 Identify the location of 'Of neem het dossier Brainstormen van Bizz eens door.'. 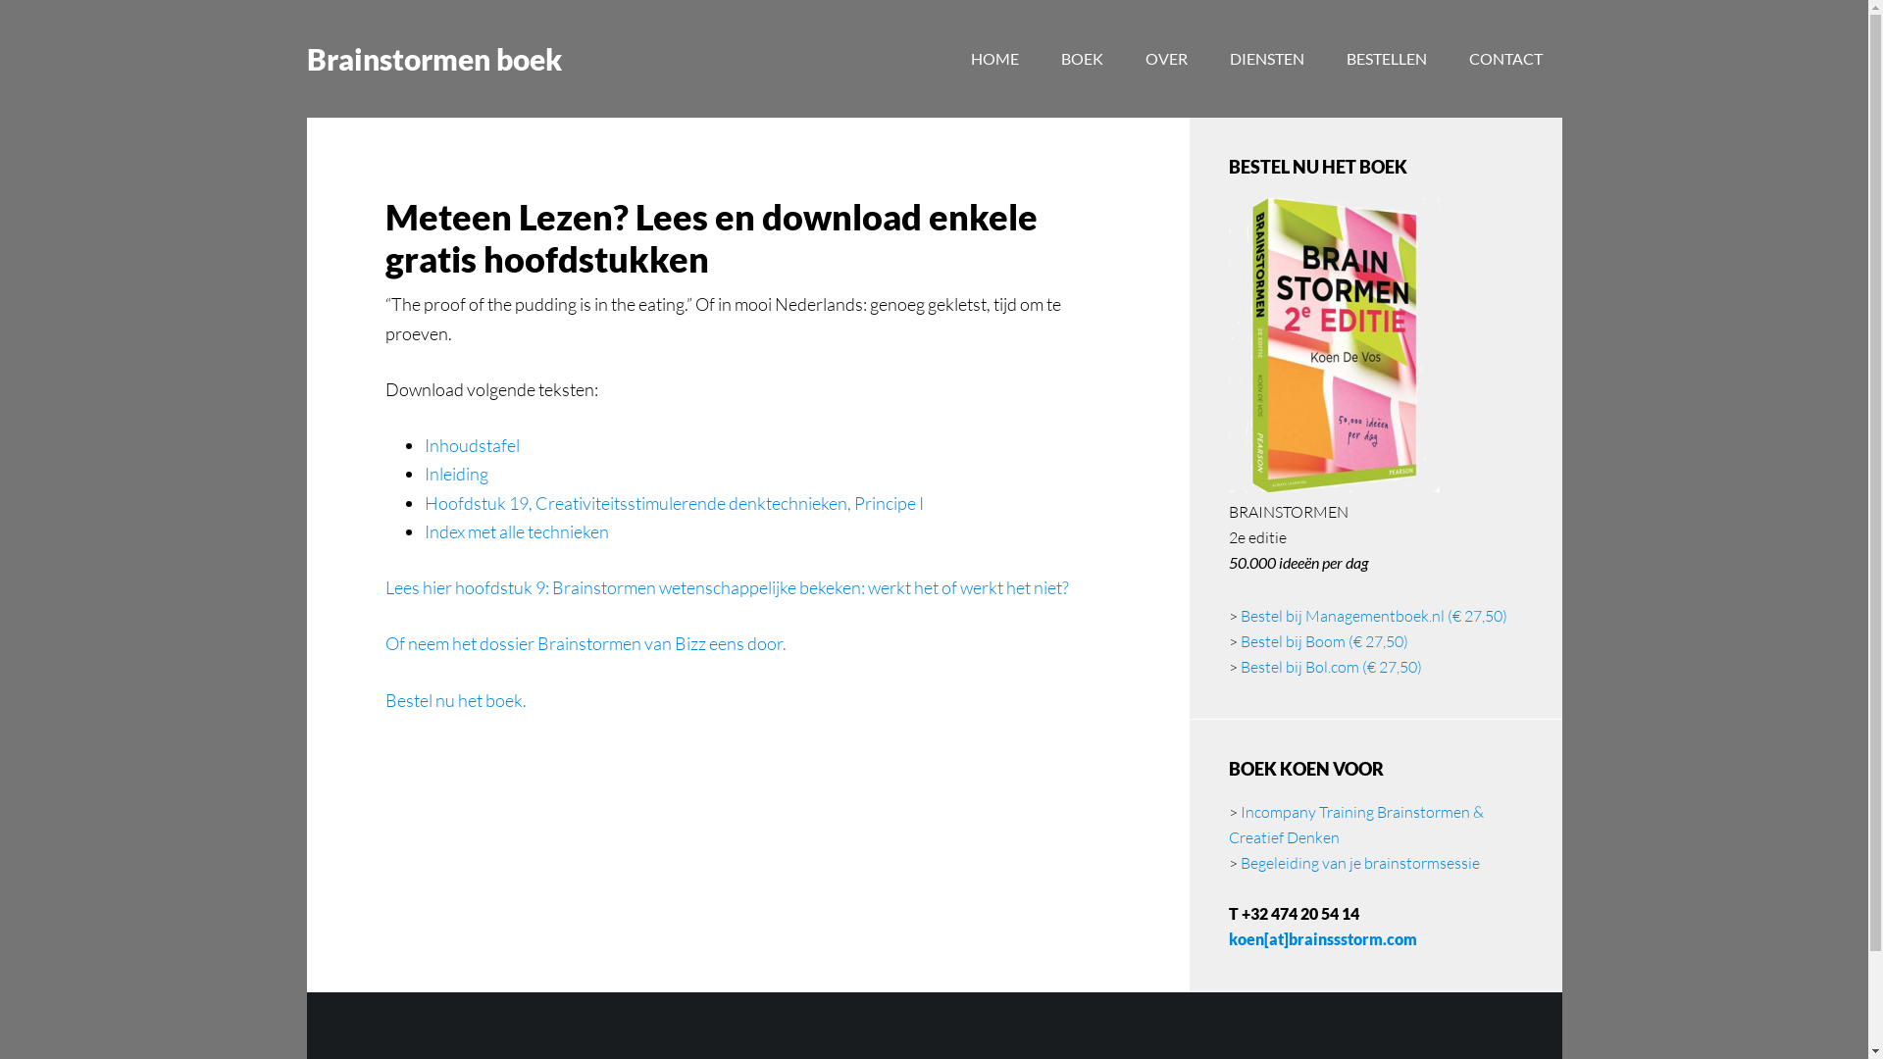
(584, 642).